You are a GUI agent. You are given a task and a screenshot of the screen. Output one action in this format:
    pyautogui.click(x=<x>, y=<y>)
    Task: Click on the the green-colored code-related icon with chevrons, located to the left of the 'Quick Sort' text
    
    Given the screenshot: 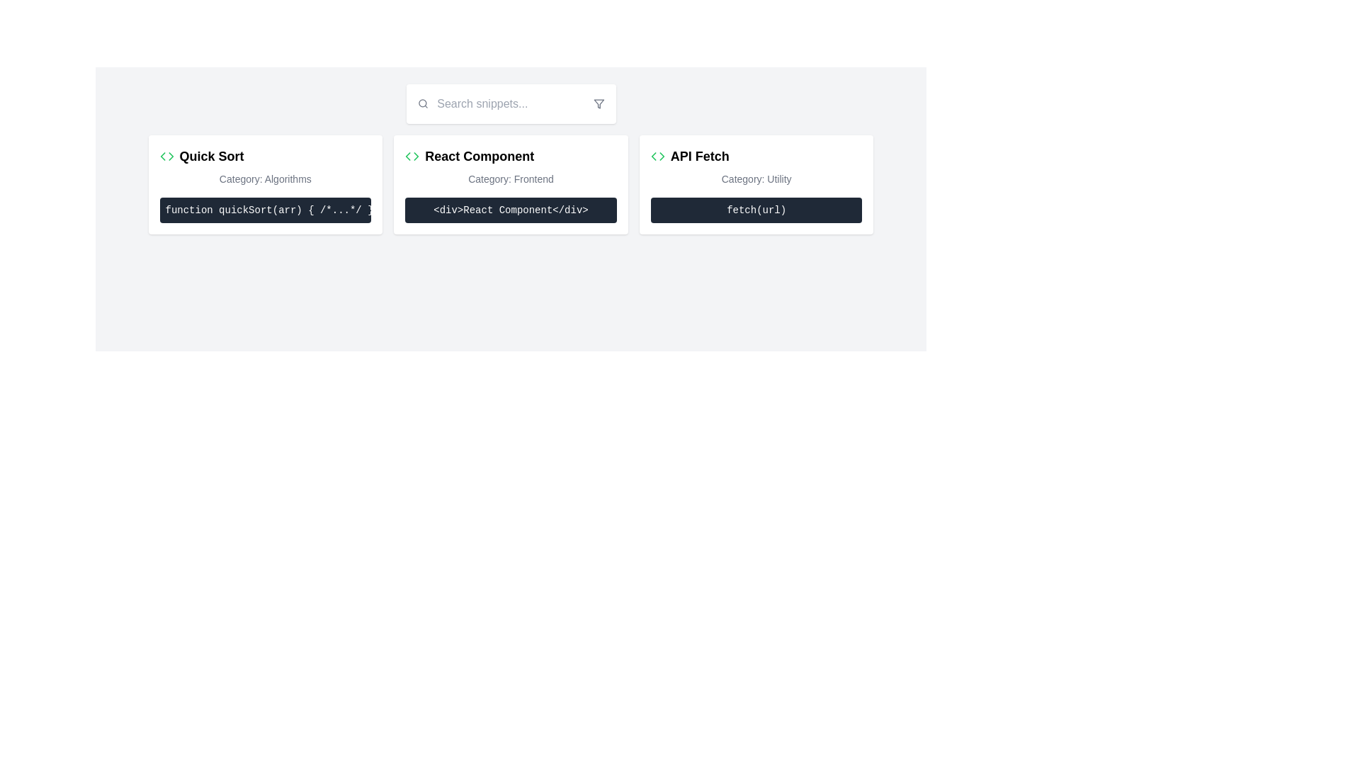 What is the action you would take?
    pyautogui.click(x=166, y=156)
    